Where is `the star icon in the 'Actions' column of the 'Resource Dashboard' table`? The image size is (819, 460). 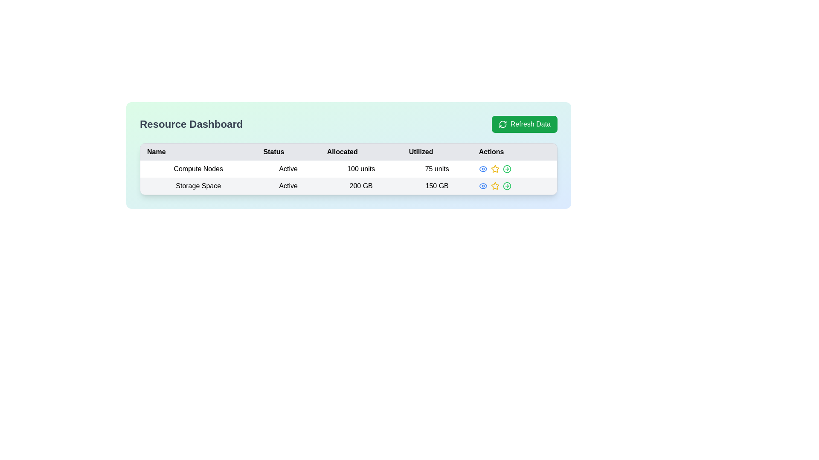
the star icon in the 'Actions' column of the 'Resource Dashboard' table is located at coordinates (495, 185).